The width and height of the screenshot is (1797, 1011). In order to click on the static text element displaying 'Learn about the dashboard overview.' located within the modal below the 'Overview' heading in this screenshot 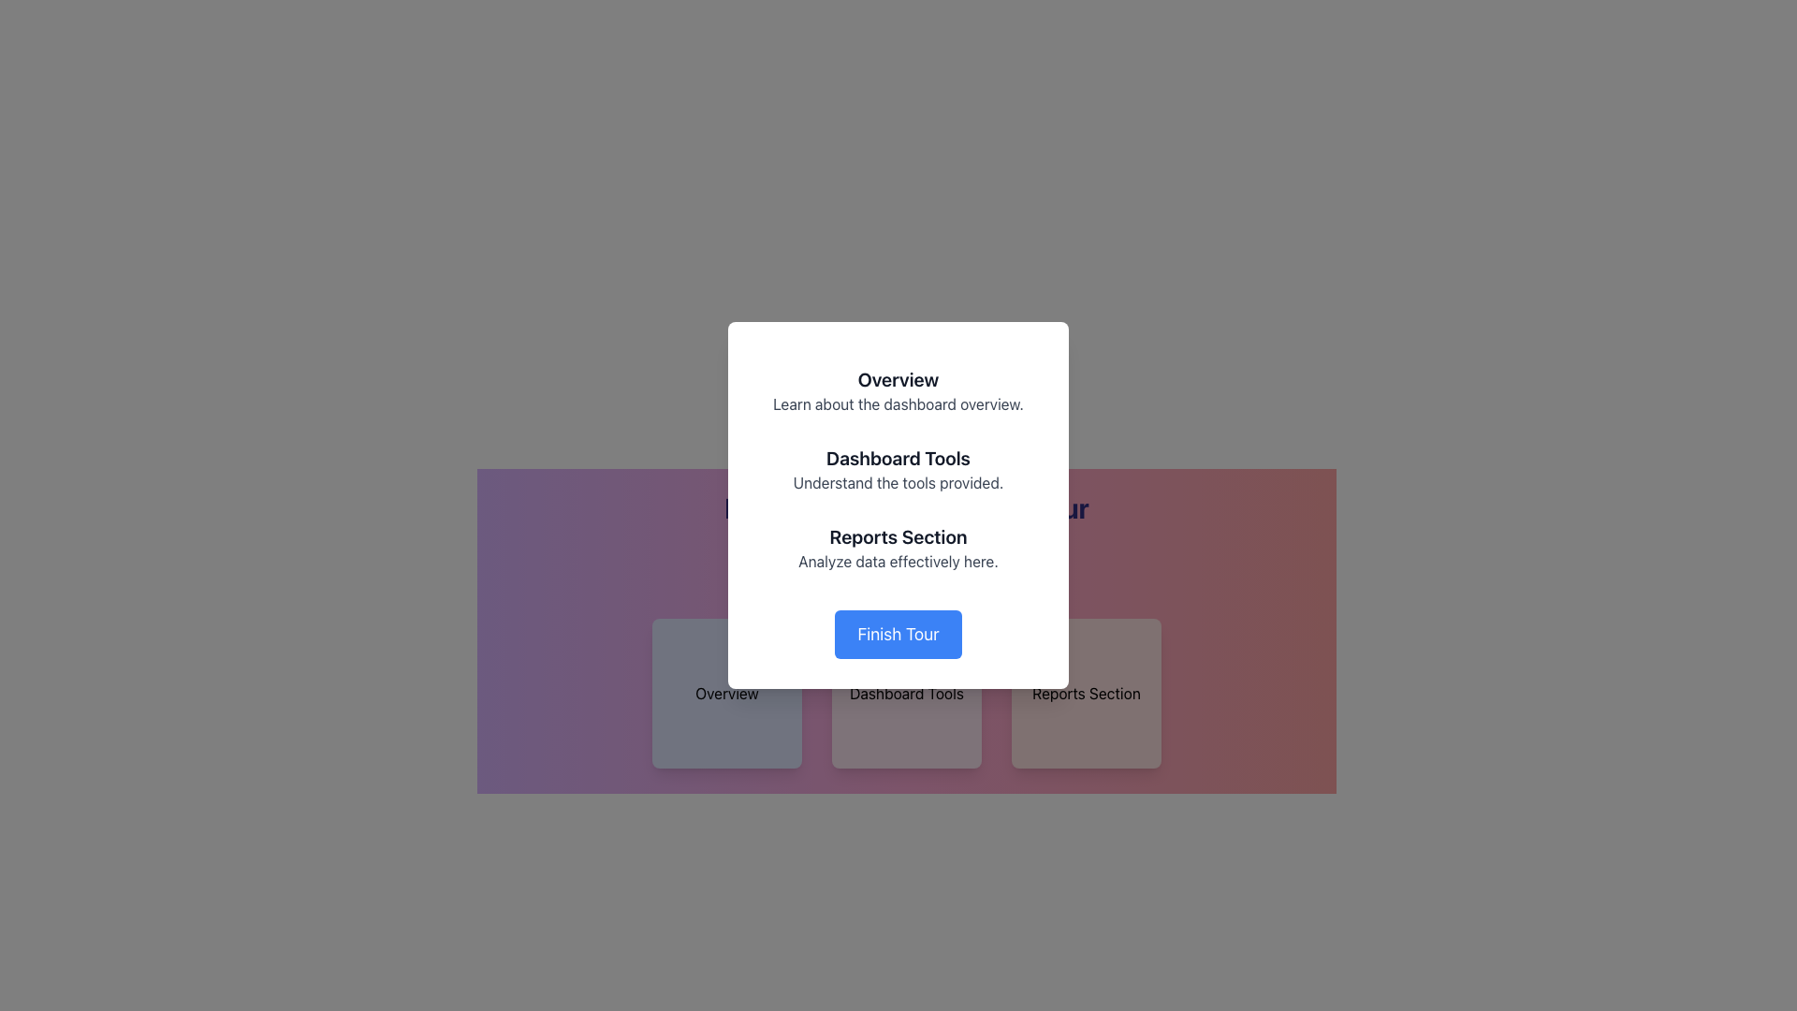, I will do `click(898, 403)`.